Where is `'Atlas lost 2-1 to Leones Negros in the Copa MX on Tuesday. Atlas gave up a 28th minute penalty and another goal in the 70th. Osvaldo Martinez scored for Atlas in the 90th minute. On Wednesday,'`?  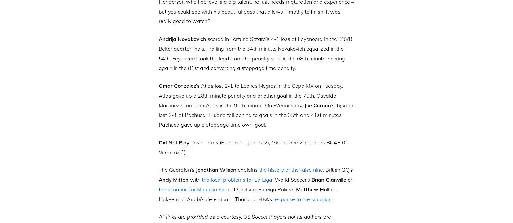
'Atlas lost 2-1 to Leones Negros in the Copa MX on Tuesday. Atlas gave up a 28th minute penalty and another goal in the 70th. Osvaldo Martinez scored for Atlas in the 90th minute. On Wednesday,' is located at coordinates (250, 95).